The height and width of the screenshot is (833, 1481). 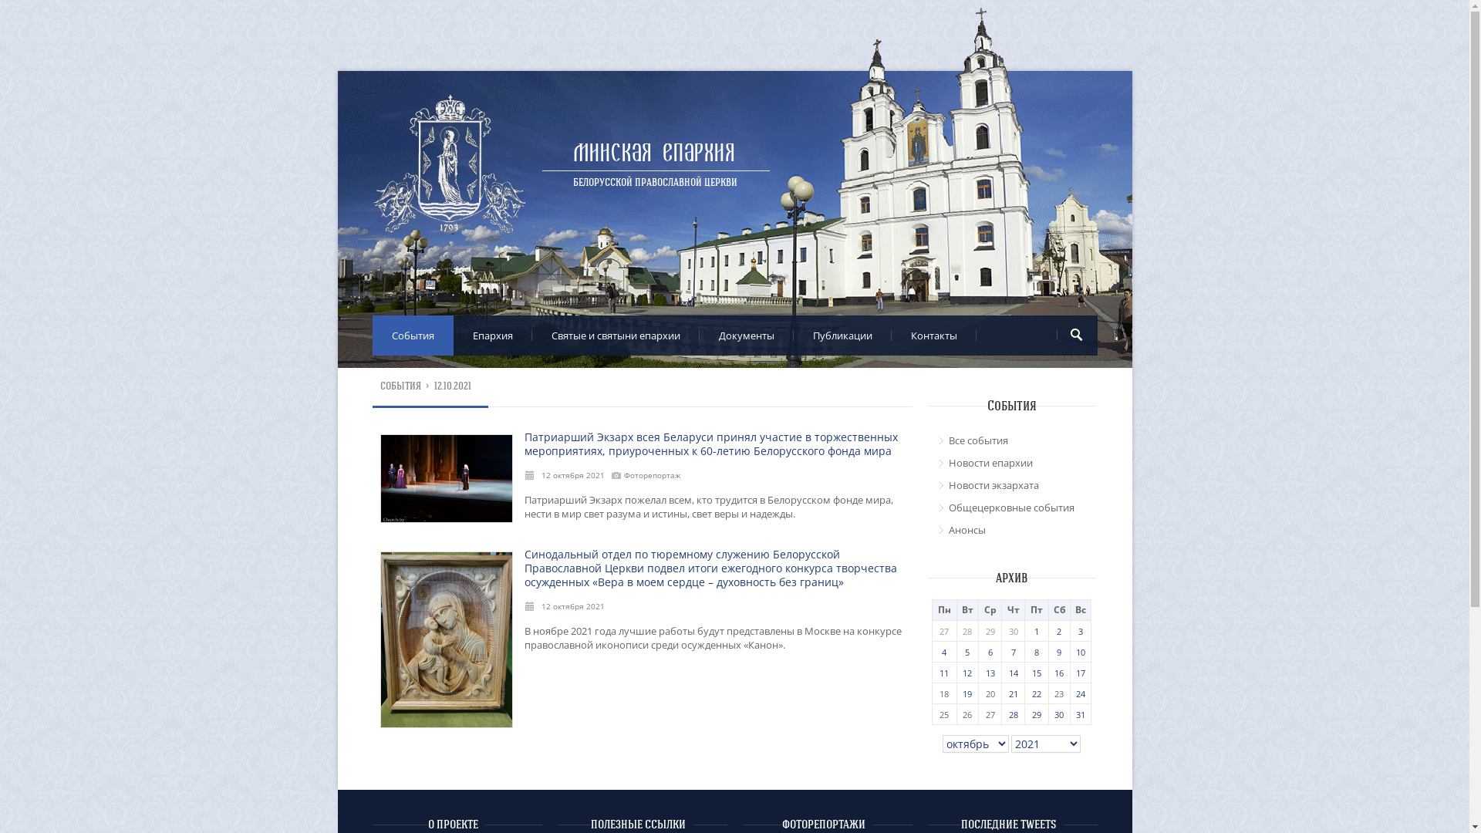 What do you see at coordinates (962, 693) in the screenshot?
I see `'19'` at bounding box center [962, 693].